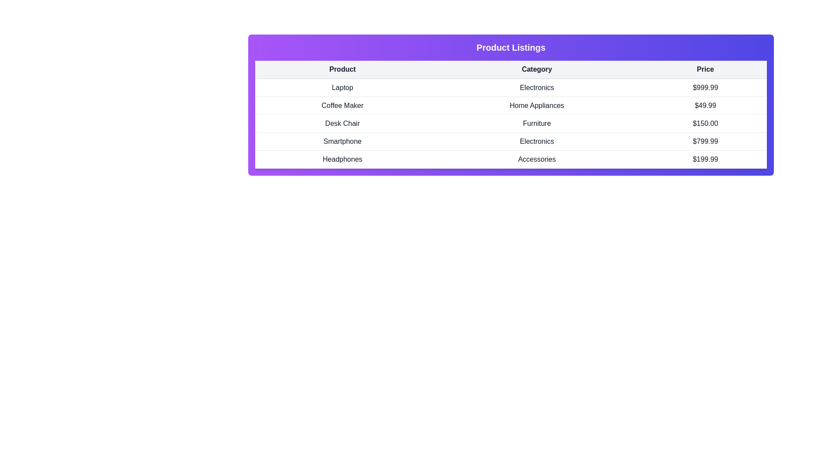  What do you see at coordinates (511, 87) in the screenshot?
I see `the first row in the product listing table, which contains 'Laptop' as the product name, 'Electronics' as the category, and '$999.99' as the price` at bounding box center [511, 87].